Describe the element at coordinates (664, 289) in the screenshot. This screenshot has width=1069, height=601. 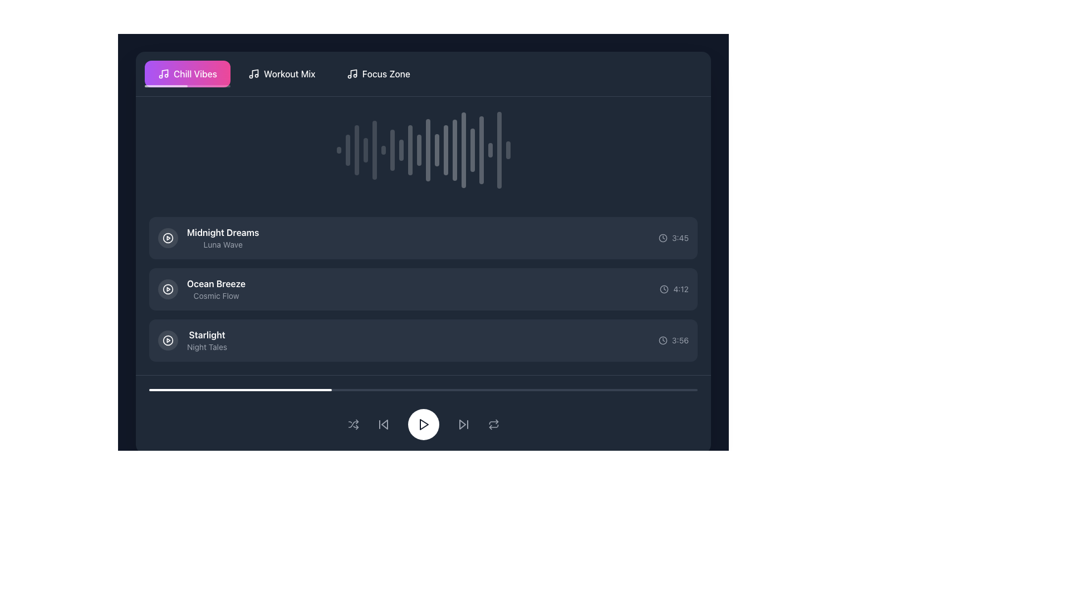
I see `the clock icon, which is a minimalist analog clock illustration located next to the time '4:12' for the song 'Ocean Breeze' in the song list` at that location.